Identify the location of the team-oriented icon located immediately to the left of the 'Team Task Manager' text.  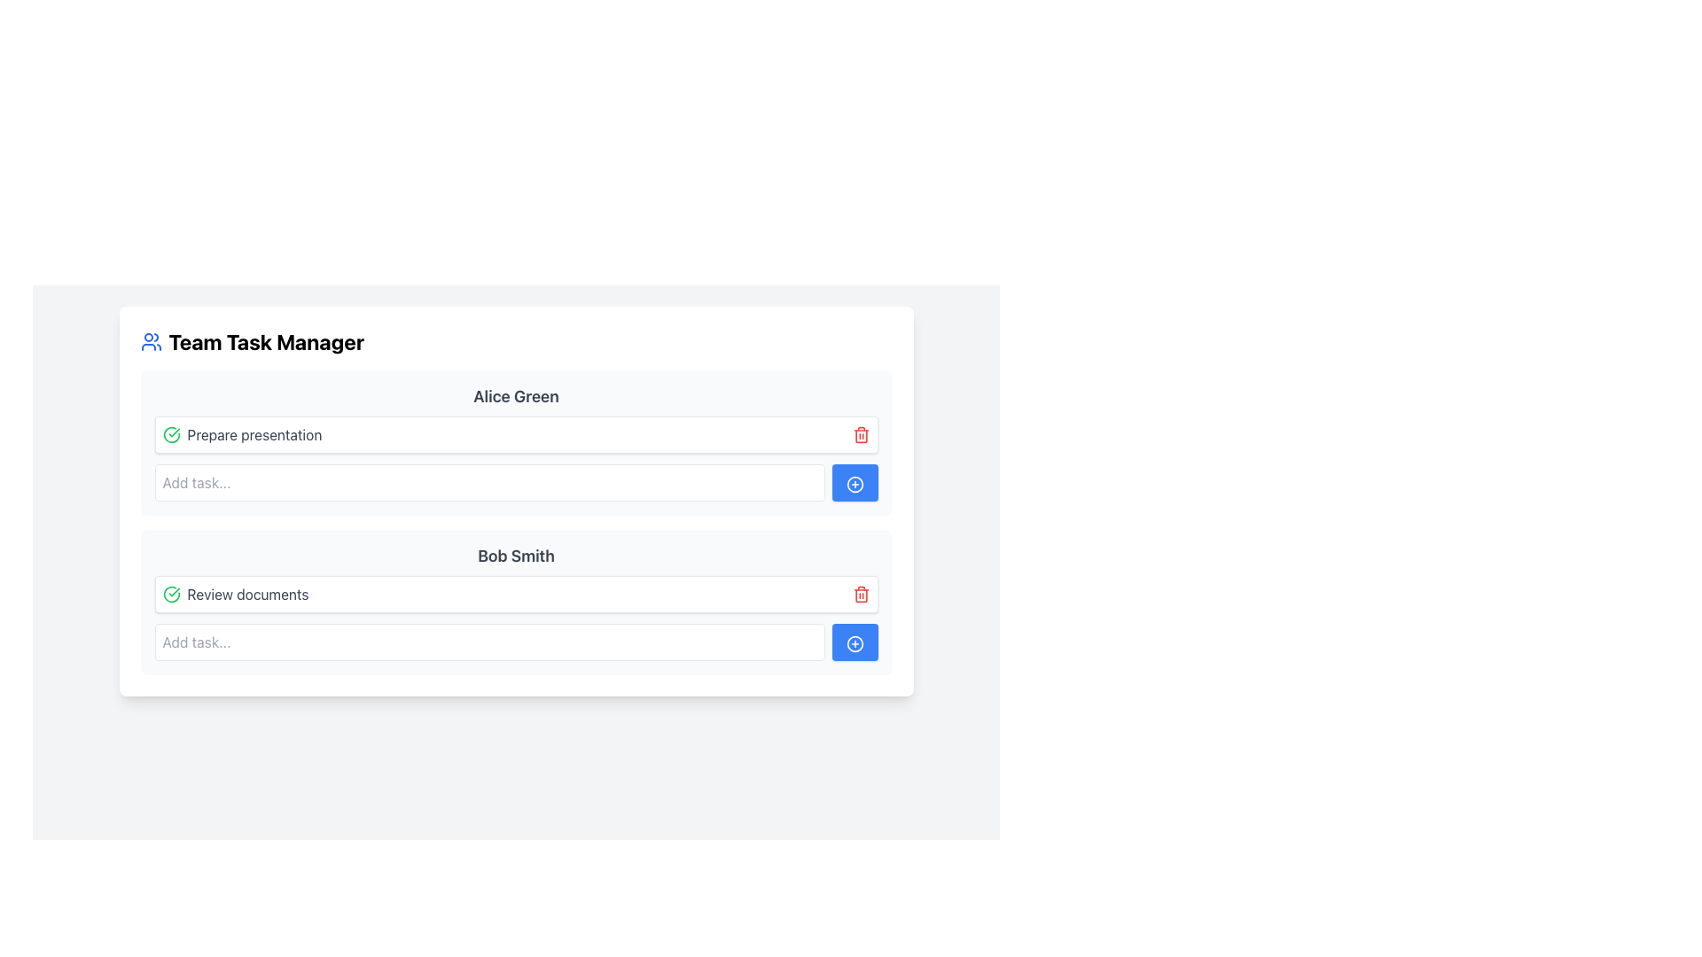
(151, 341).